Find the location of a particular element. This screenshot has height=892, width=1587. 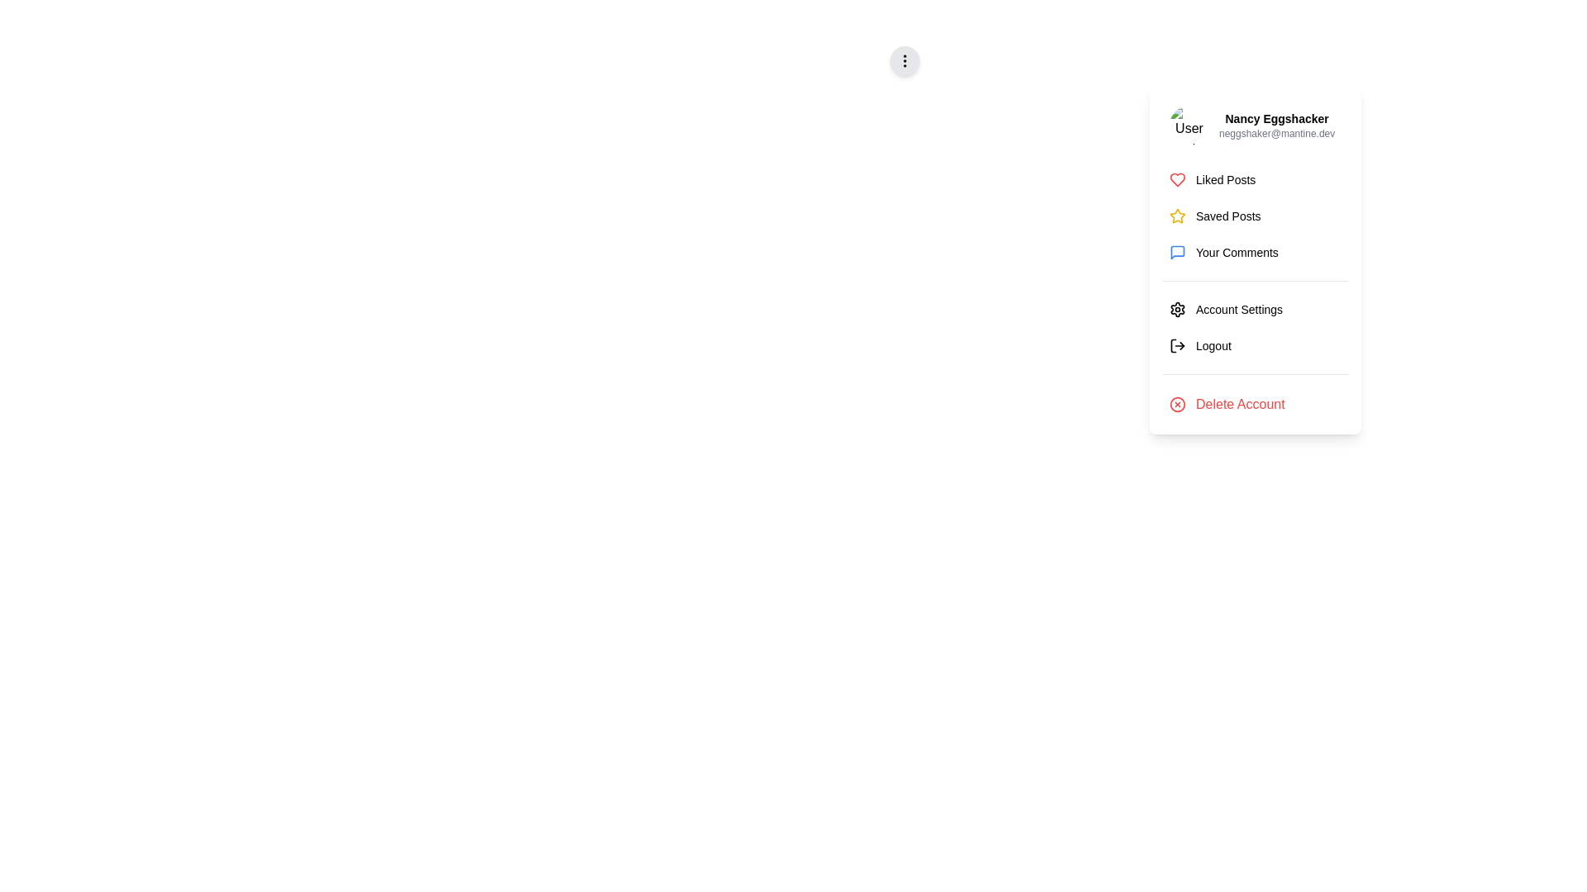

the circular button with a gray background and vertical ellipsis icon is located at coordinates (903, 59).